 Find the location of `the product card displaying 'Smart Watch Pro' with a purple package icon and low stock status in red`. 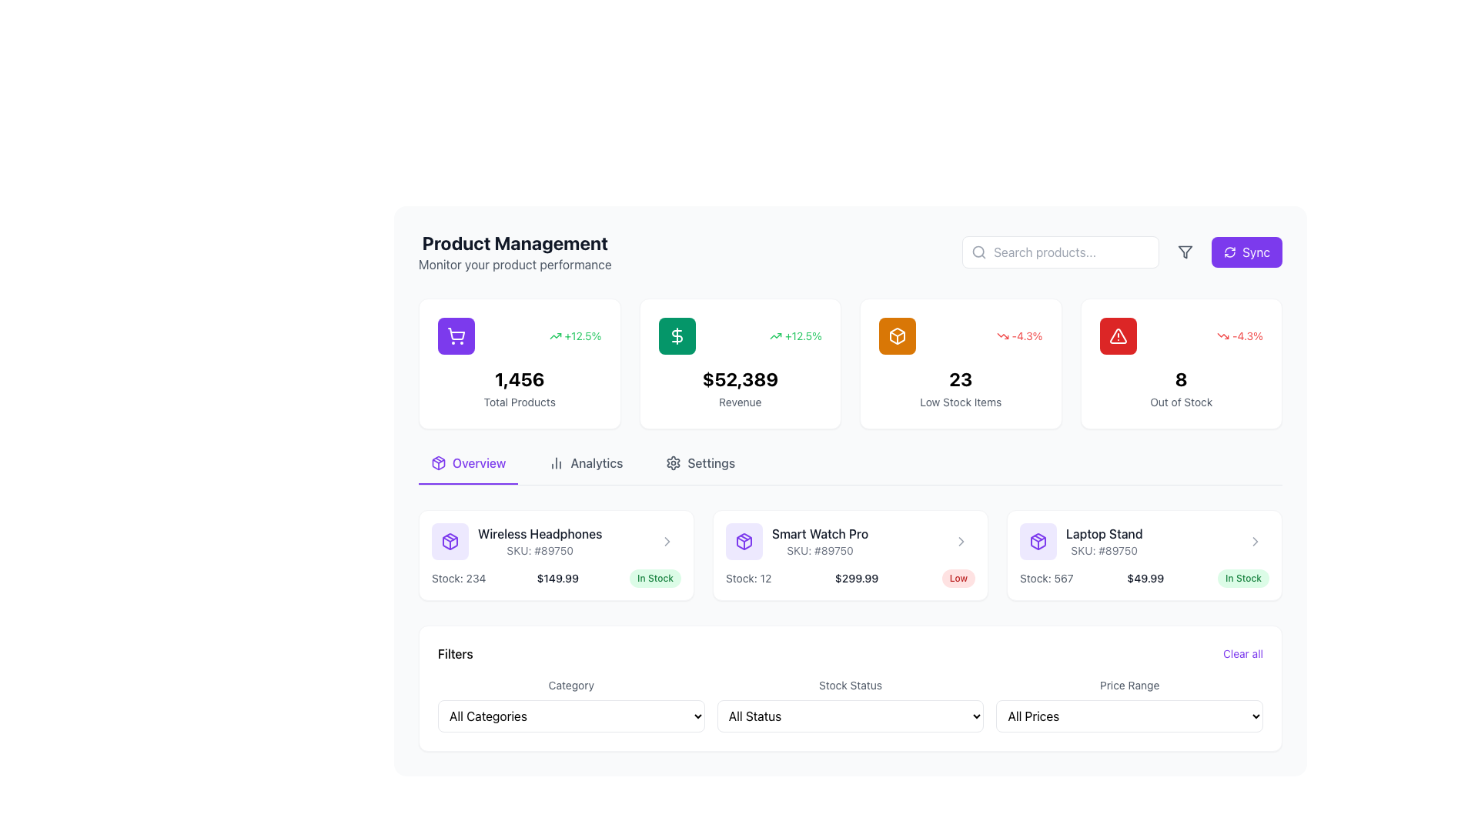

the product card displaying 'Smart Watch Pro' with a purple package icon and low stock status in red is located at coordinates (849, 555).